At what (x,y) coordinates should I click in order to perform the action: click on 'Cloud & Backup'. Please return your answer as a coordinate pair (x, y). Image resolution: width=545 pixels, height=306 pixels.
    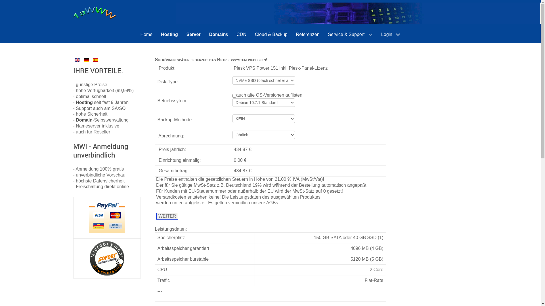
    Looking at the image, I should click on (271, 34).